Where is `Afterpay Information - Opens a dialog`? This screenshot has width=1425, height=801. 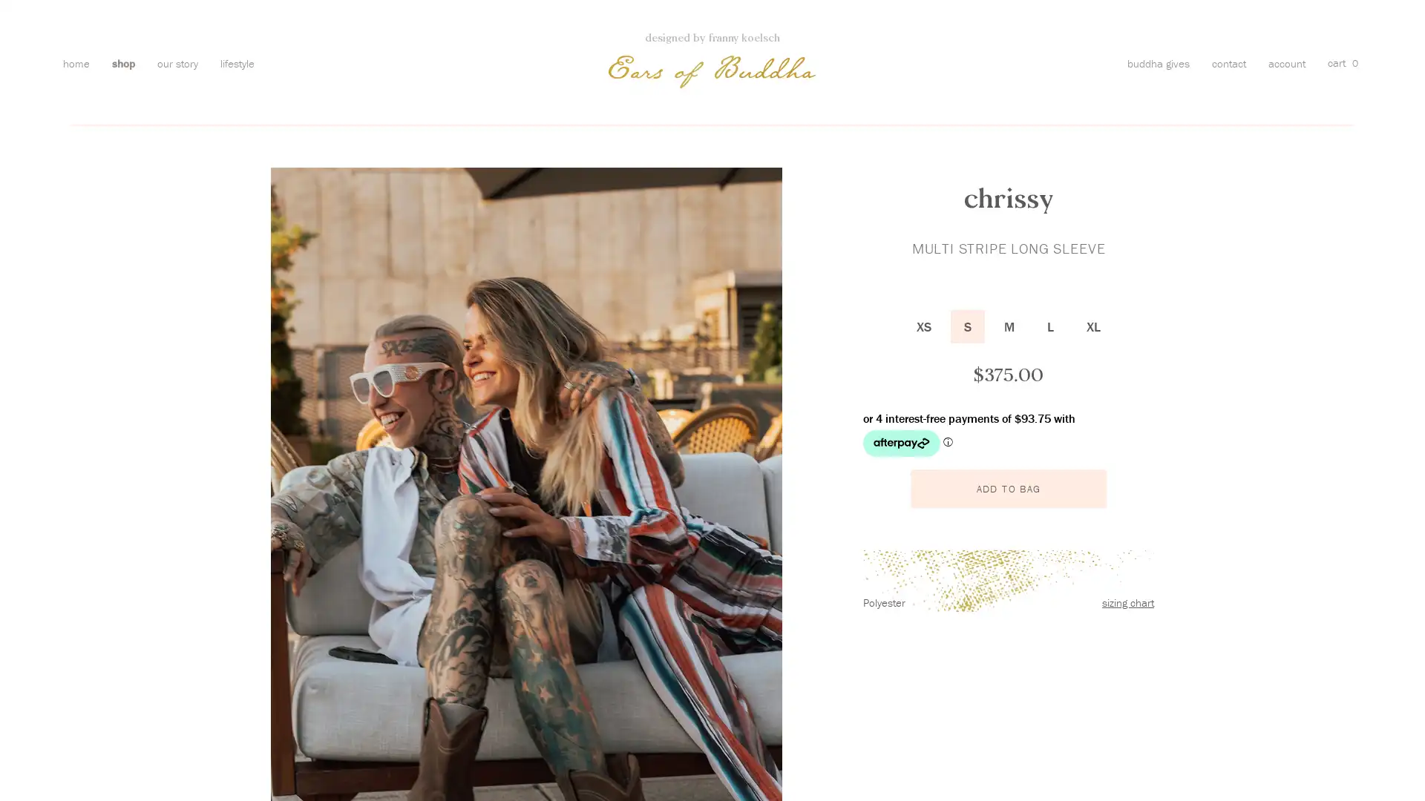
Afterpay Information - Opens a dialog is located at coordinates (947, 445).